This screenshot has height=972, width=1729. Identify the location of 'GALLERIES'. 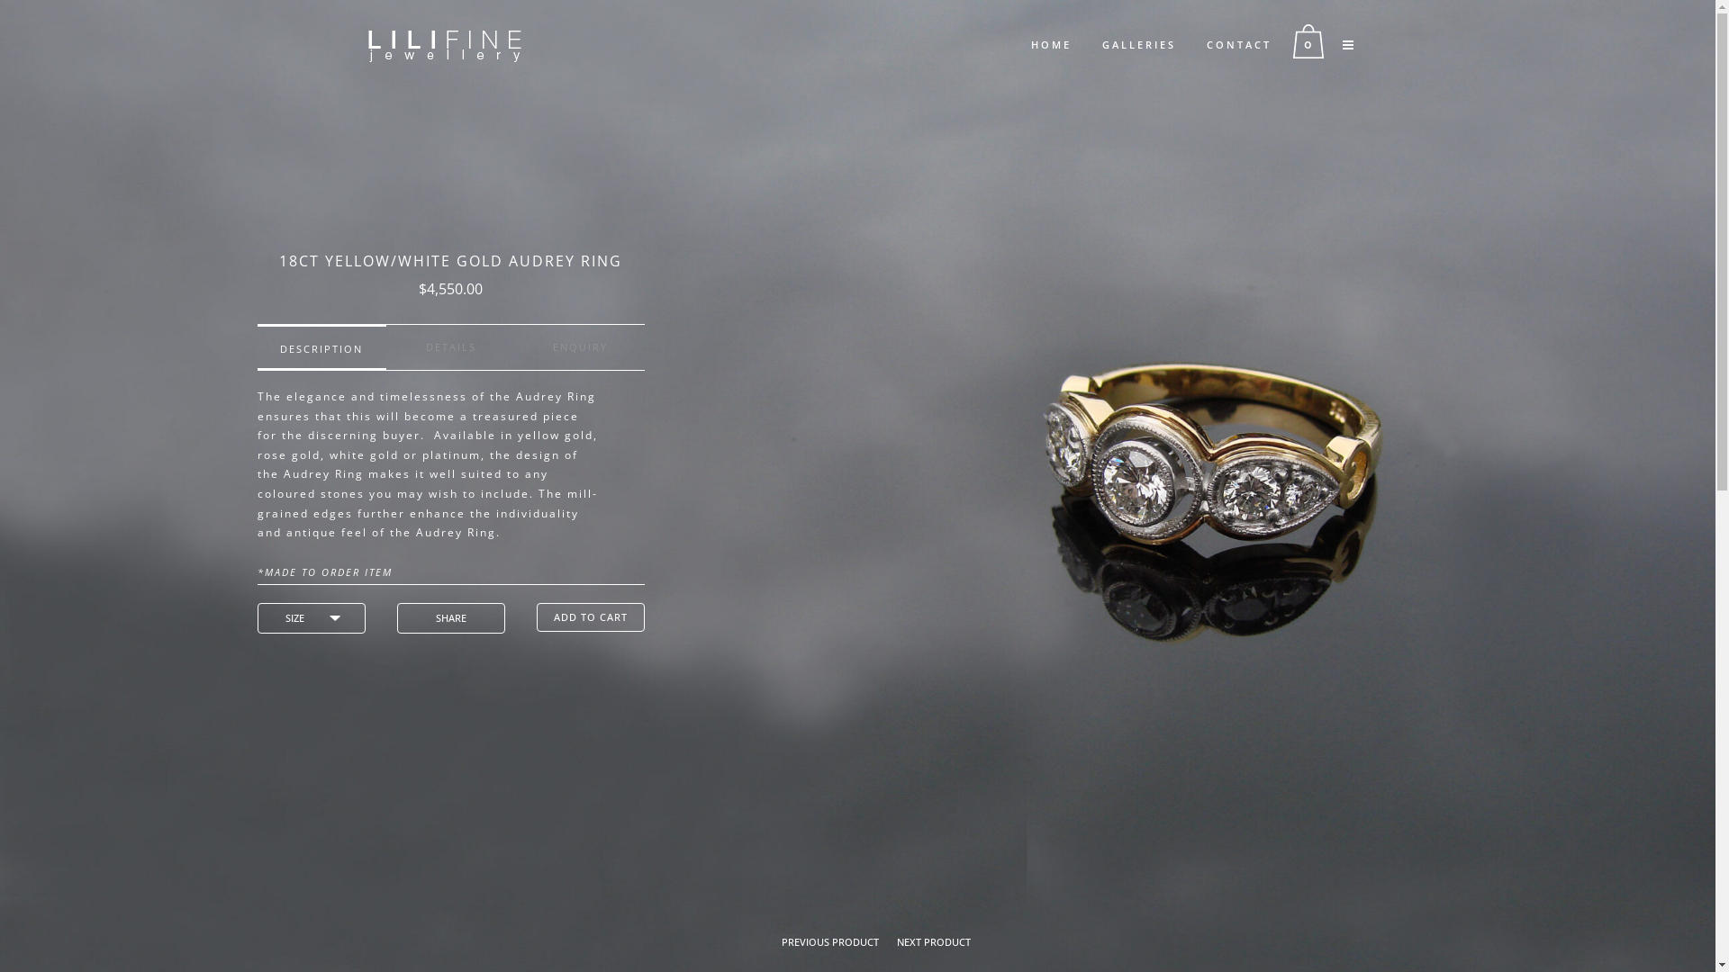
(1136, 44).